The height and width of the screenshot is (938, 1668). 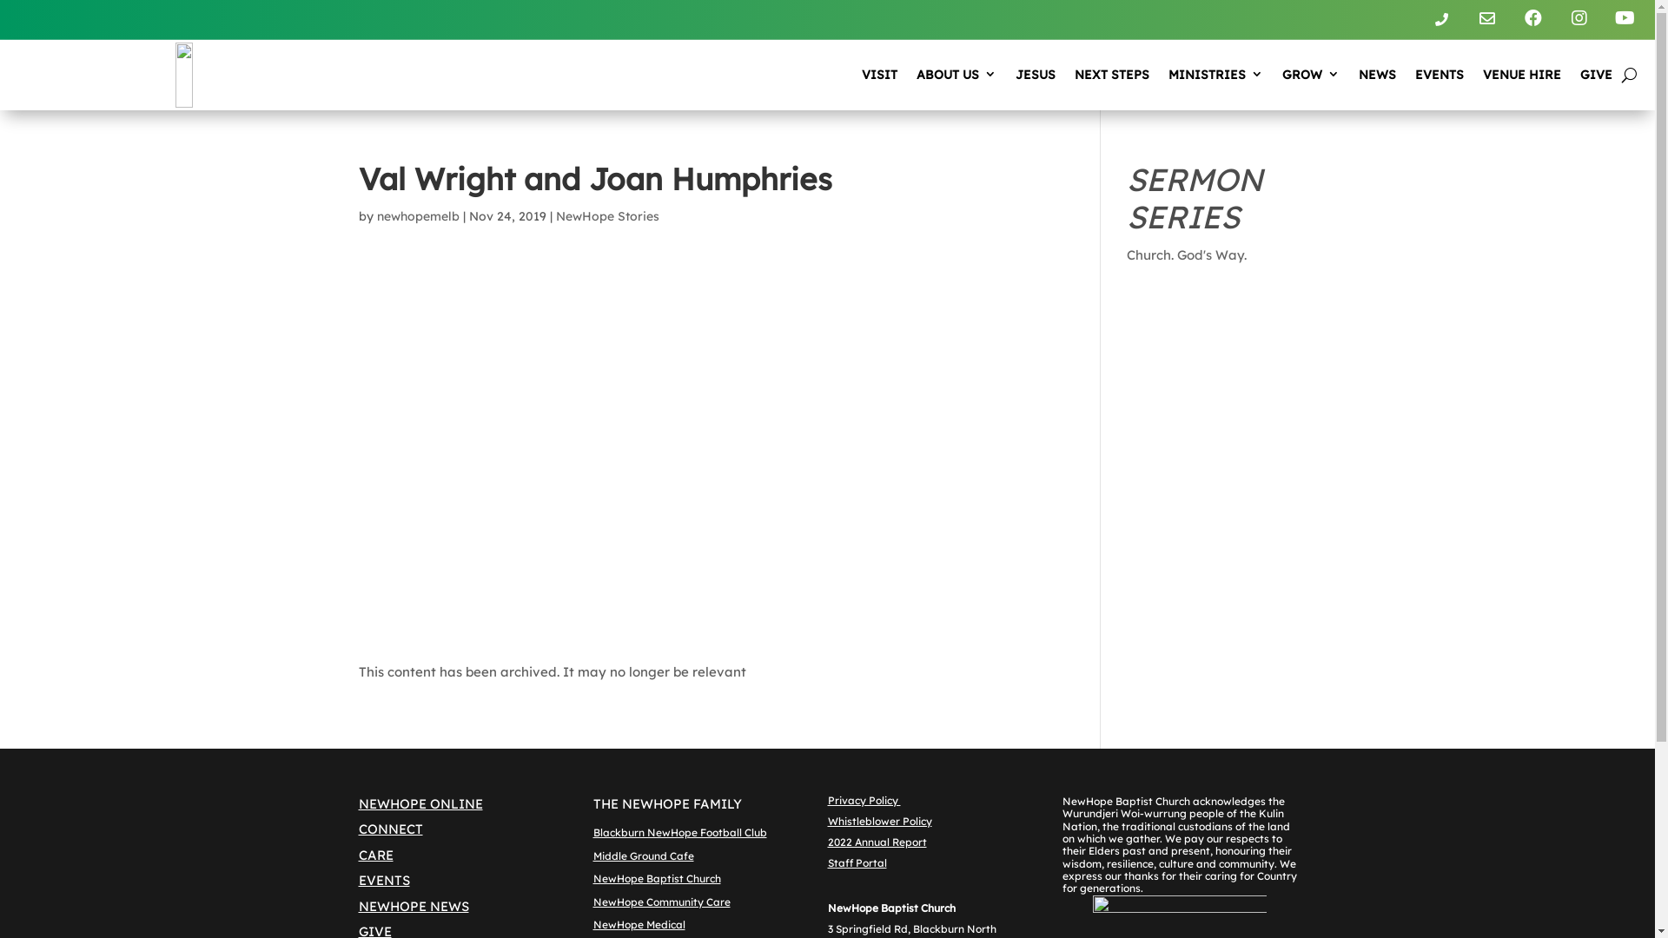 I want to click on 'NewHope Community Care', so click(x=660, y=901).